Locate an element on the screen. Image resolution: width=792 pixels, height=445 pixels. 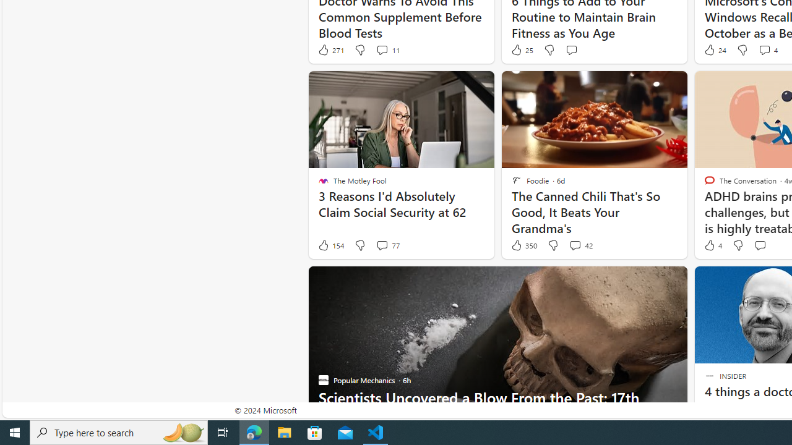
'24 Like' is located at coordinates (714, 49).